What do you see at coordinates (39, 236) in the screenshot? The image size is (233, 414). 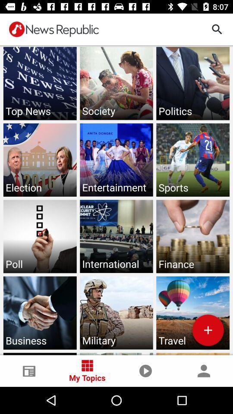 I see `third row first image` at bounding box center [39, 236].